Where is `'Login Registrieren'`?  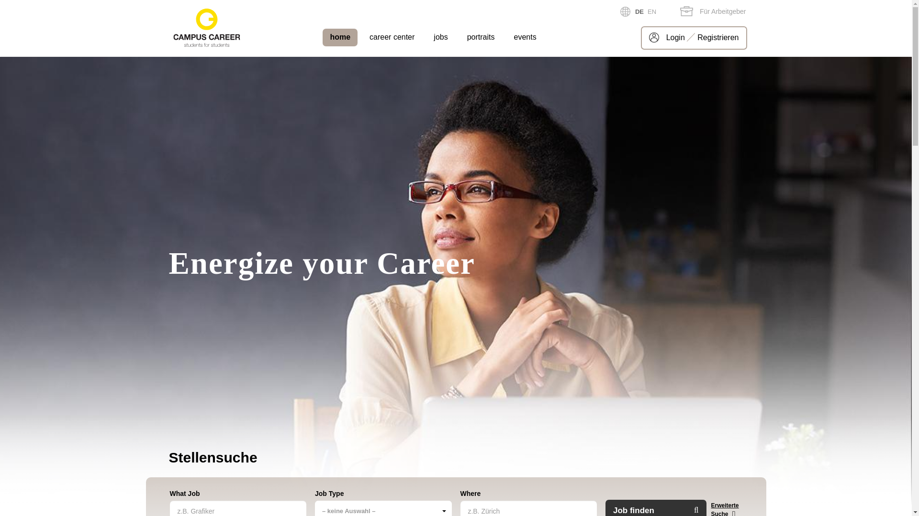
'Login Registrieren' is located at coordinates (694, 37).